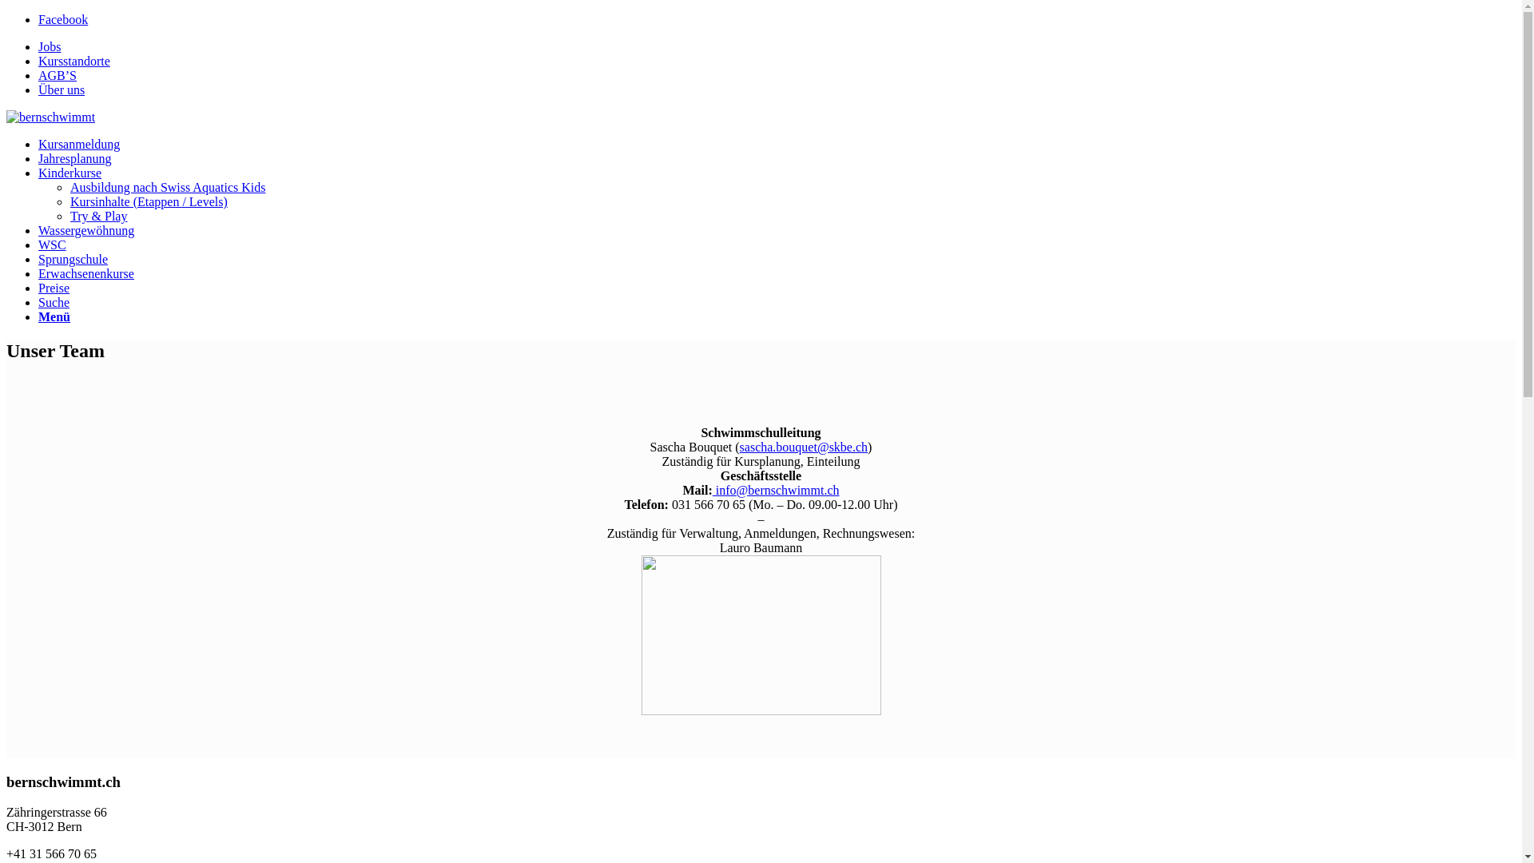 The image size is (1534, 863). I want to click on 'Kursanmeldung', so click(78, 144).